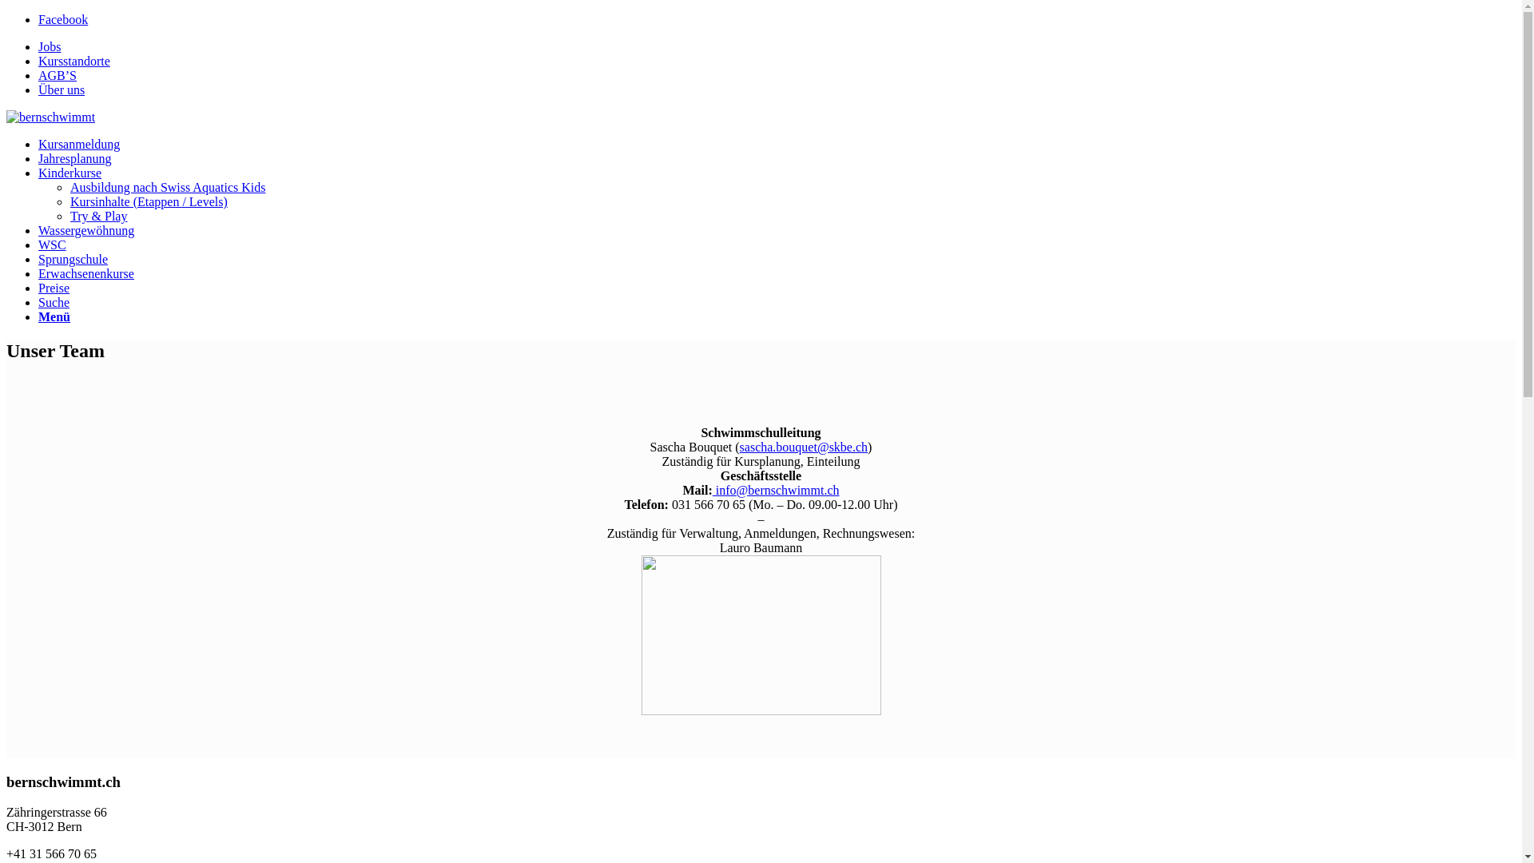 The image size is (1534, 863). I want to click on 'Kursanmeldung', so click(78, 144).